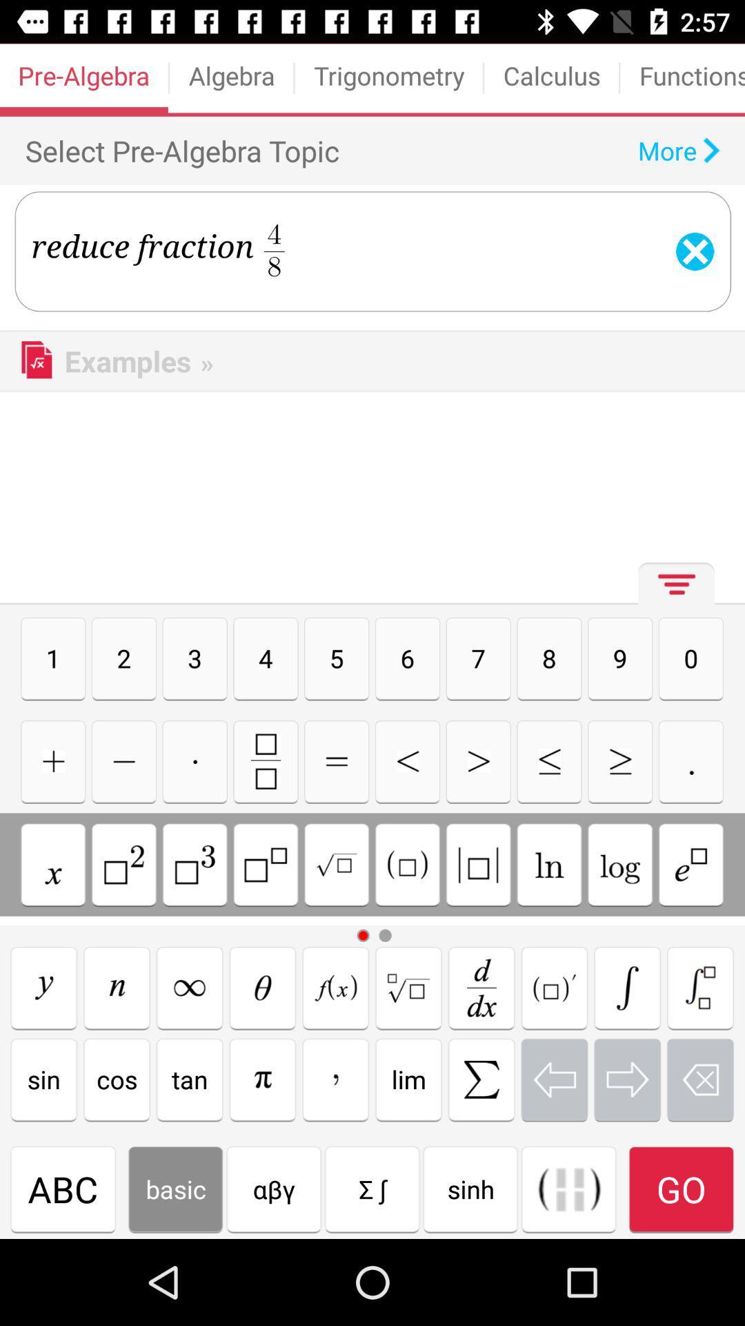  Describe the element at coordinates (195, 760) in the screenshot. I see `the add icon` at that location.